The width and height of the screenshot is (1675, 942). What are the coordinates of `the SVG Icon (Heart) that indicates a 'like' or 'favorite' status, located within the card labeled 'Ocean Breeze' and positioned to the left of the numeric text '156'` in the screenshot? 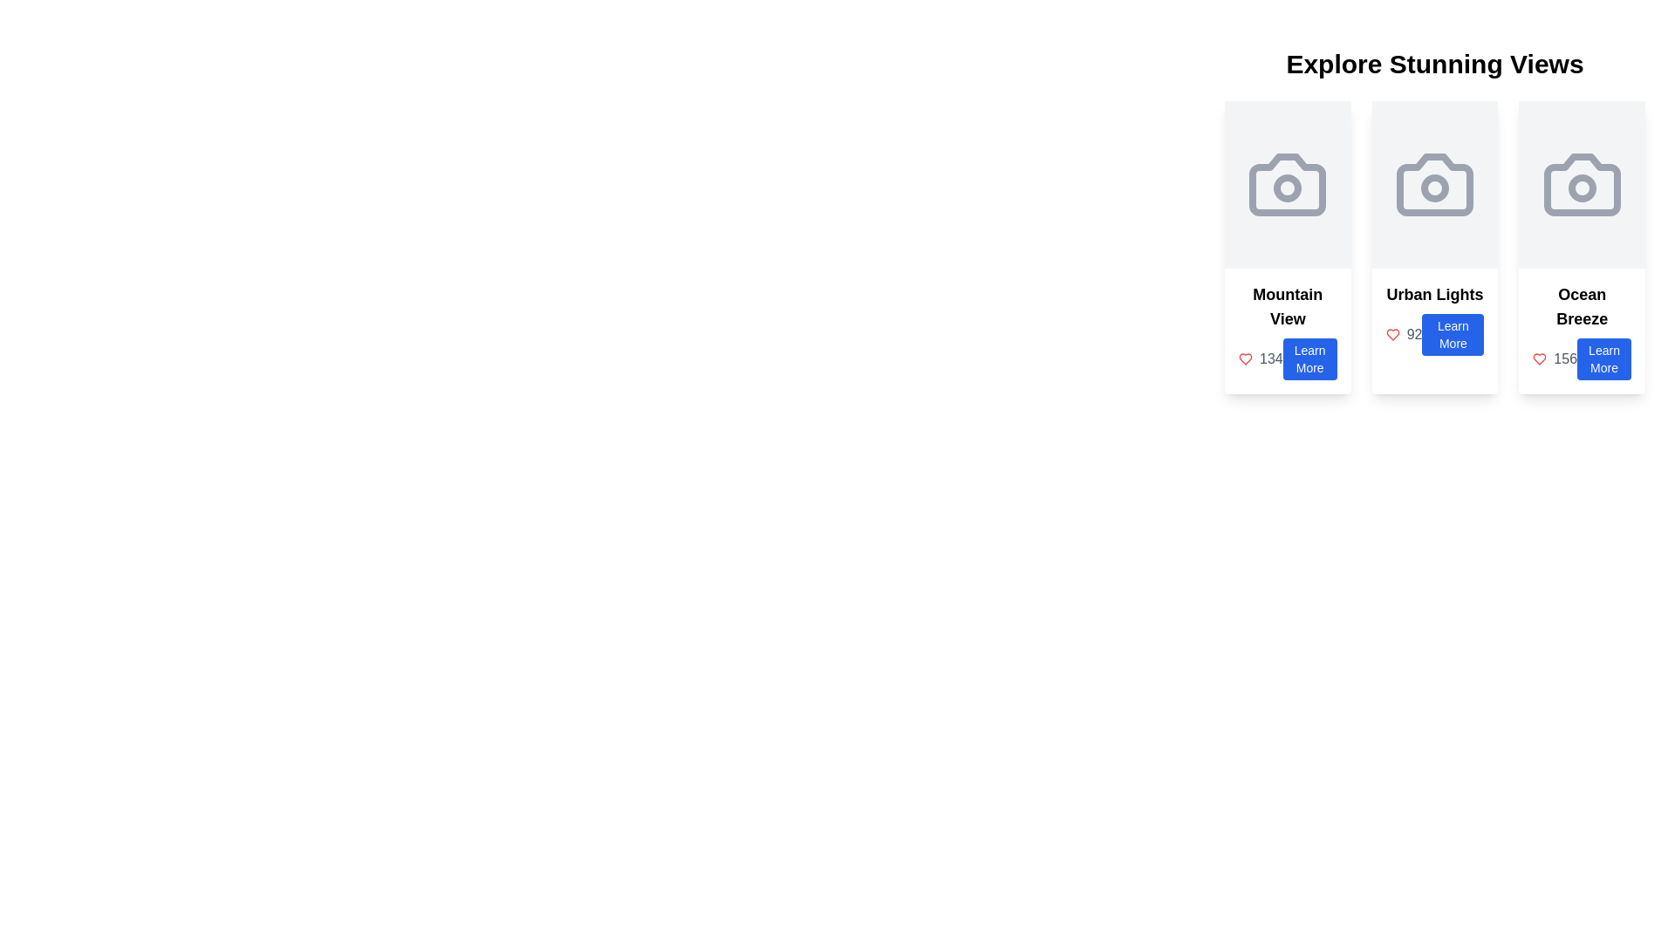 It's located at (1540, 358).